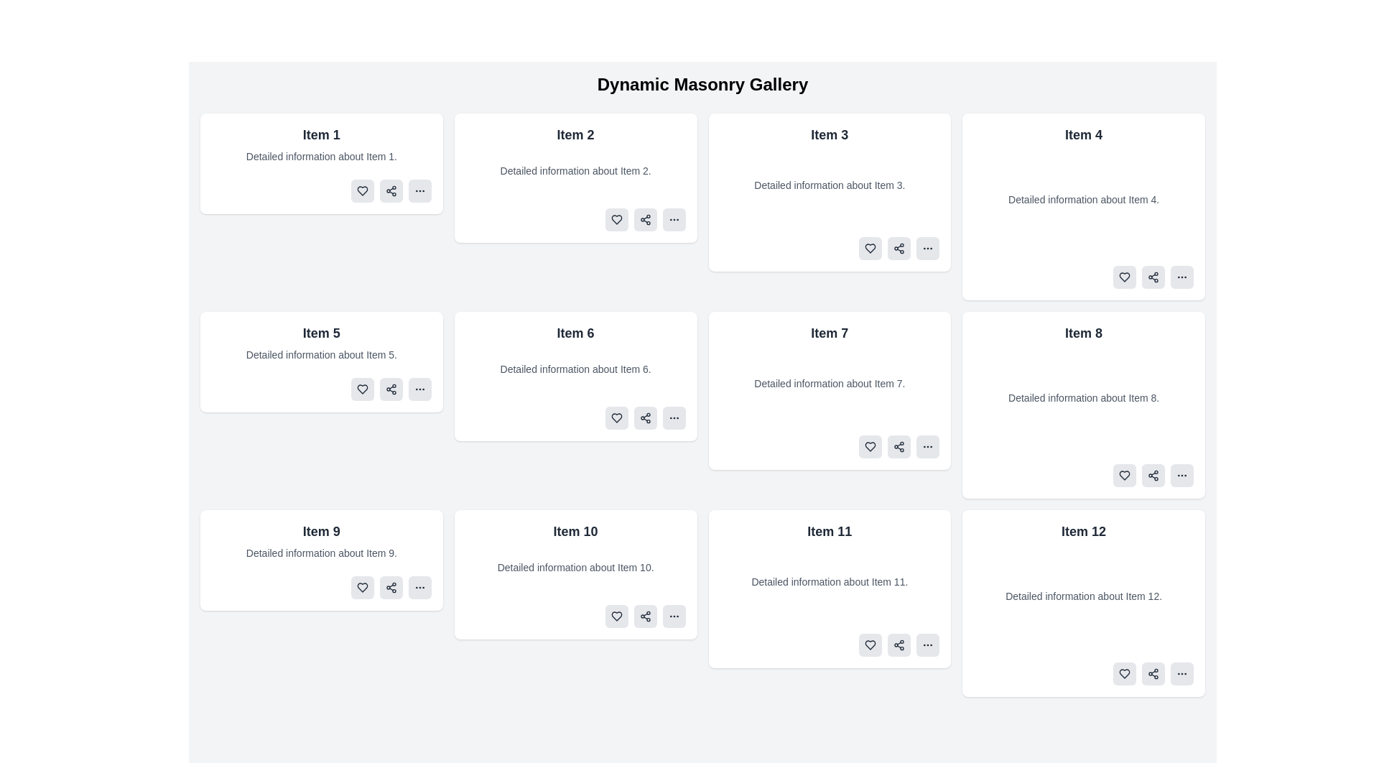 The image size is (1379, 776). Describe the element at coordinates (320, 135) in the screenshot. I see `text displayed in the heading label located at the top-left of the first card in the grid layout` at that location.